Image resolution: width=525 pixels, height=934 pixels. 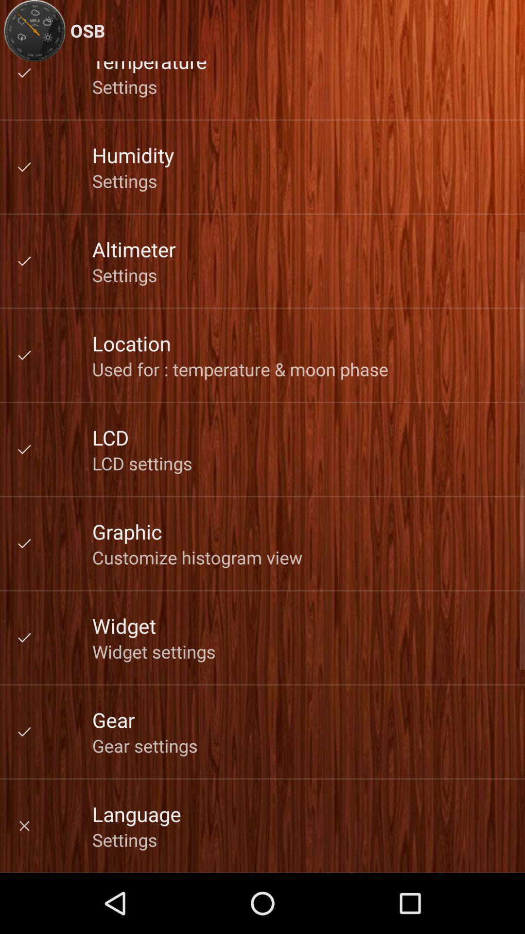 I want to click on the altimeter app, so click(x=134, y=249).